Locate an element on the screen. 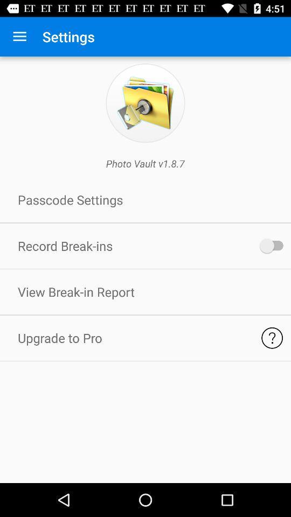  upgrade to pro is located at coordinates (272, 337).